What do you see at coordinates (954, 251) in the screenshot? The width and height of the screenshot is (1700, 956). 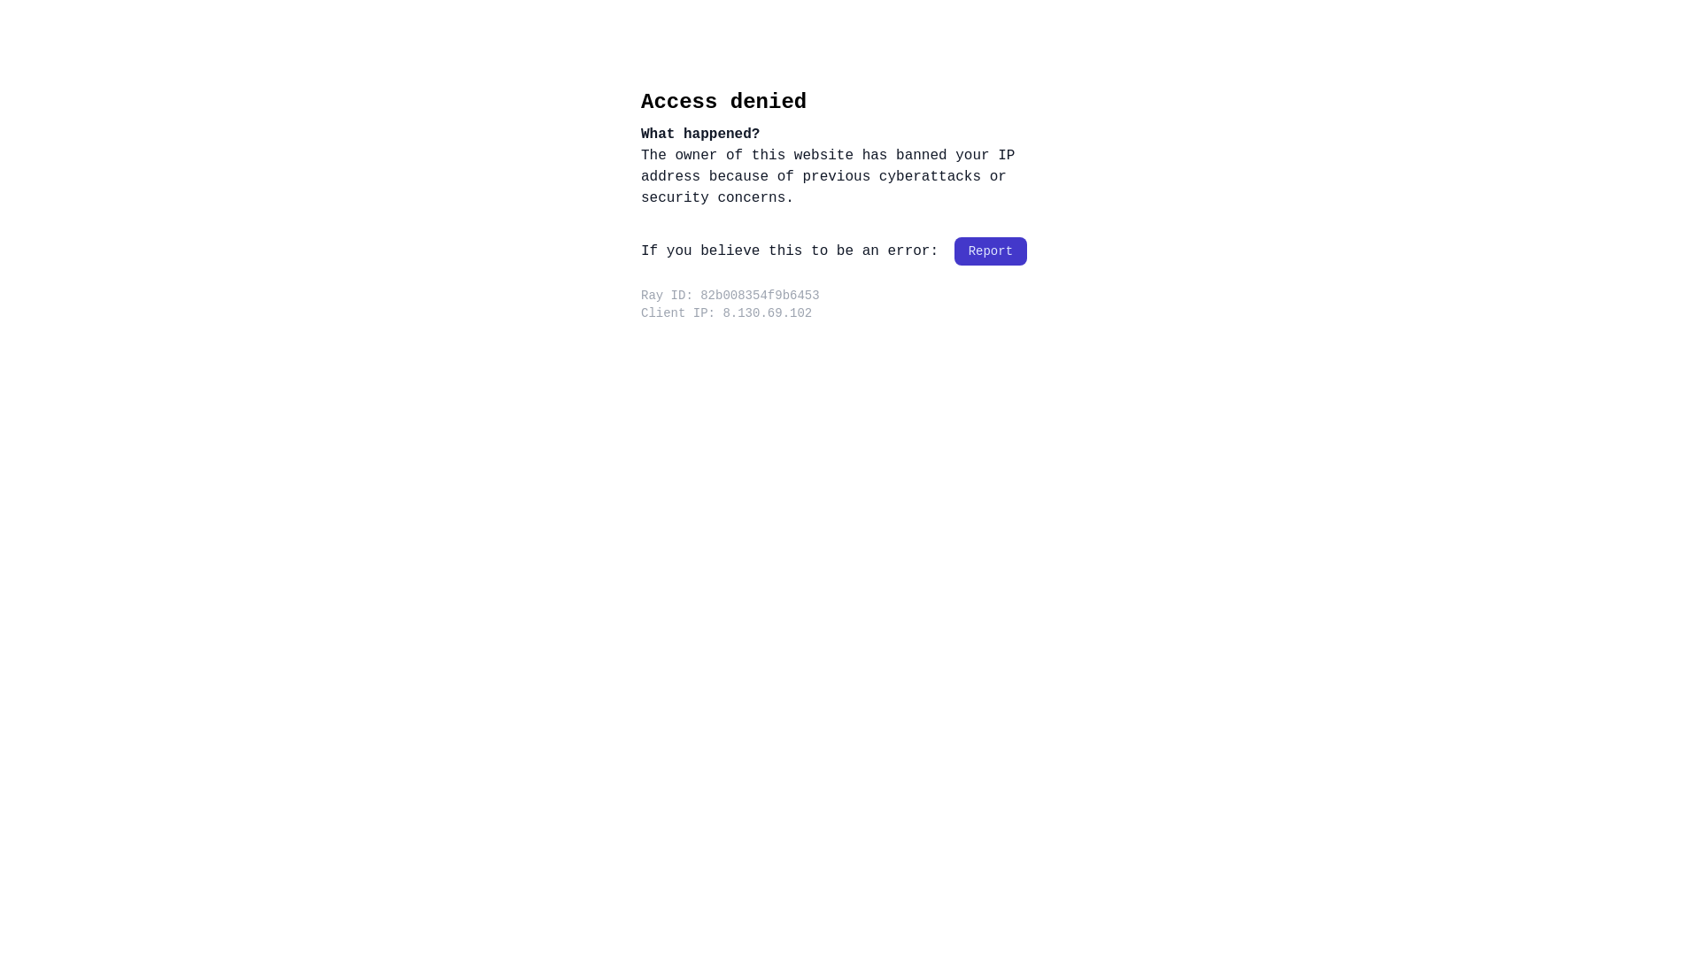 I see `'Report'` at bounding box center [954, 251].